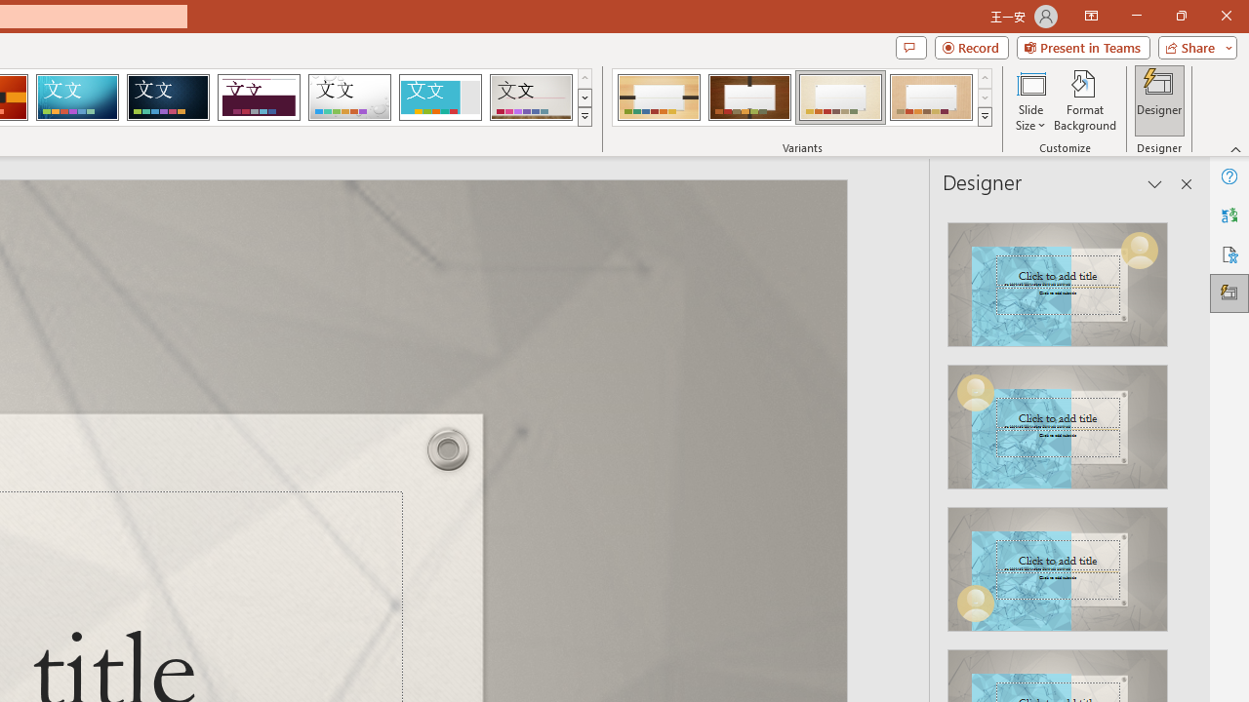  I want to click on 'Droplet', so click(349, 97).